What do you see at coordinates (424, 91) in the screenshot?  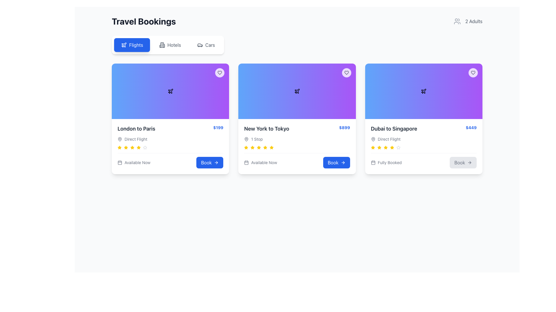 I see `the minimalist plane icon located in the upper section of the third card labeled 'Dubai to Singapore' in the travel booking interface` at bounding box center [424, 91].